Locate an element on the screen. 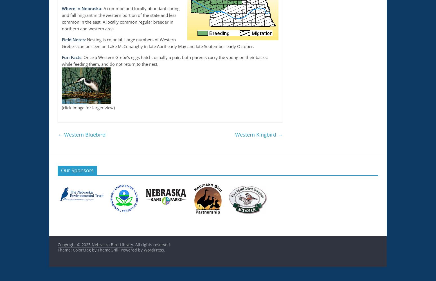 The image size is (436, 281). 'Where in Nebraska:' is located at coordinates (82, 8).